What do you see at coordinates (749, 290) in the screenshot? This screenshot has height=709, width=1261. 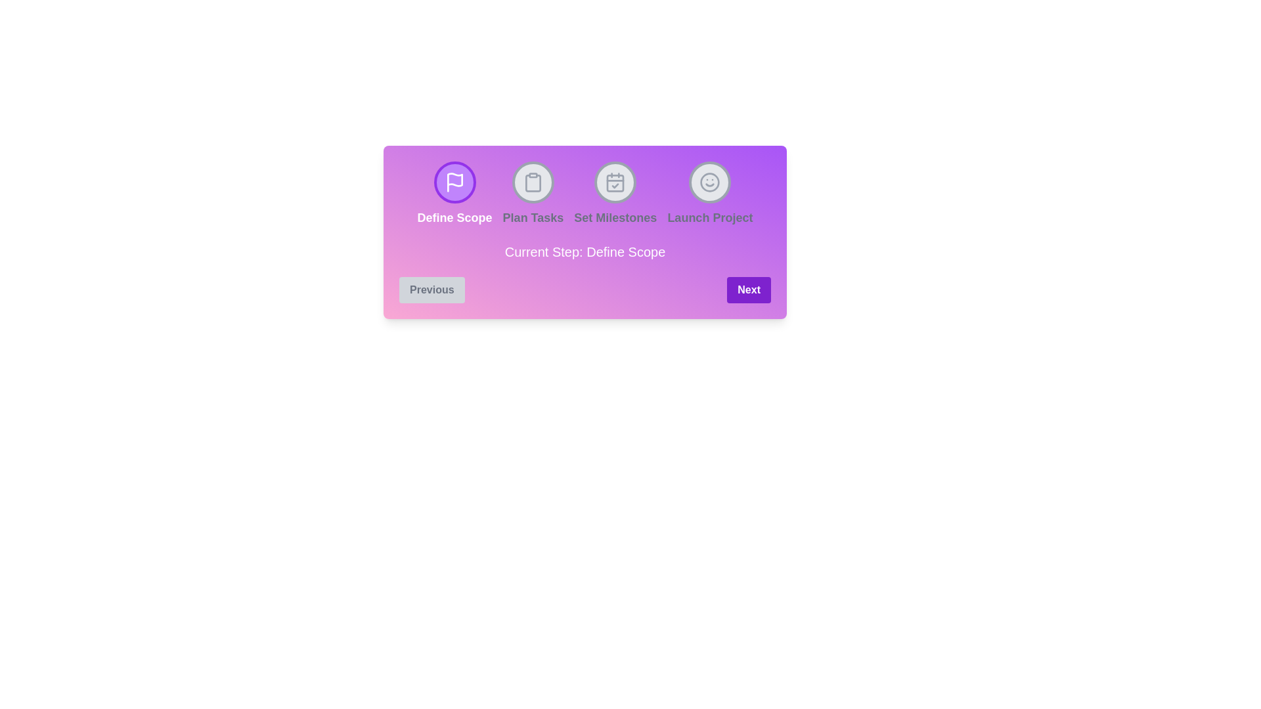 I see `the 'Next' button to proceed to the next step` at bounding box center [749, 290].